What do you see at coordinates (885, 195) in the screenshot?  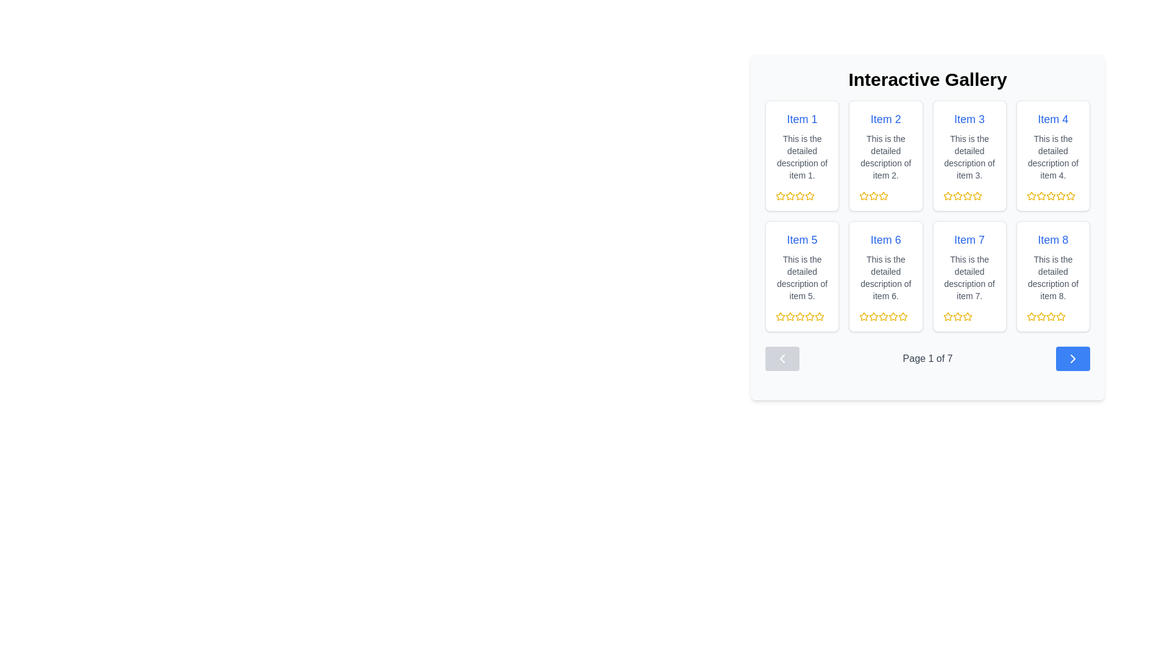 I see `the third star icon in the rating system below 'Item 2'` at bounding box center [885, 195].